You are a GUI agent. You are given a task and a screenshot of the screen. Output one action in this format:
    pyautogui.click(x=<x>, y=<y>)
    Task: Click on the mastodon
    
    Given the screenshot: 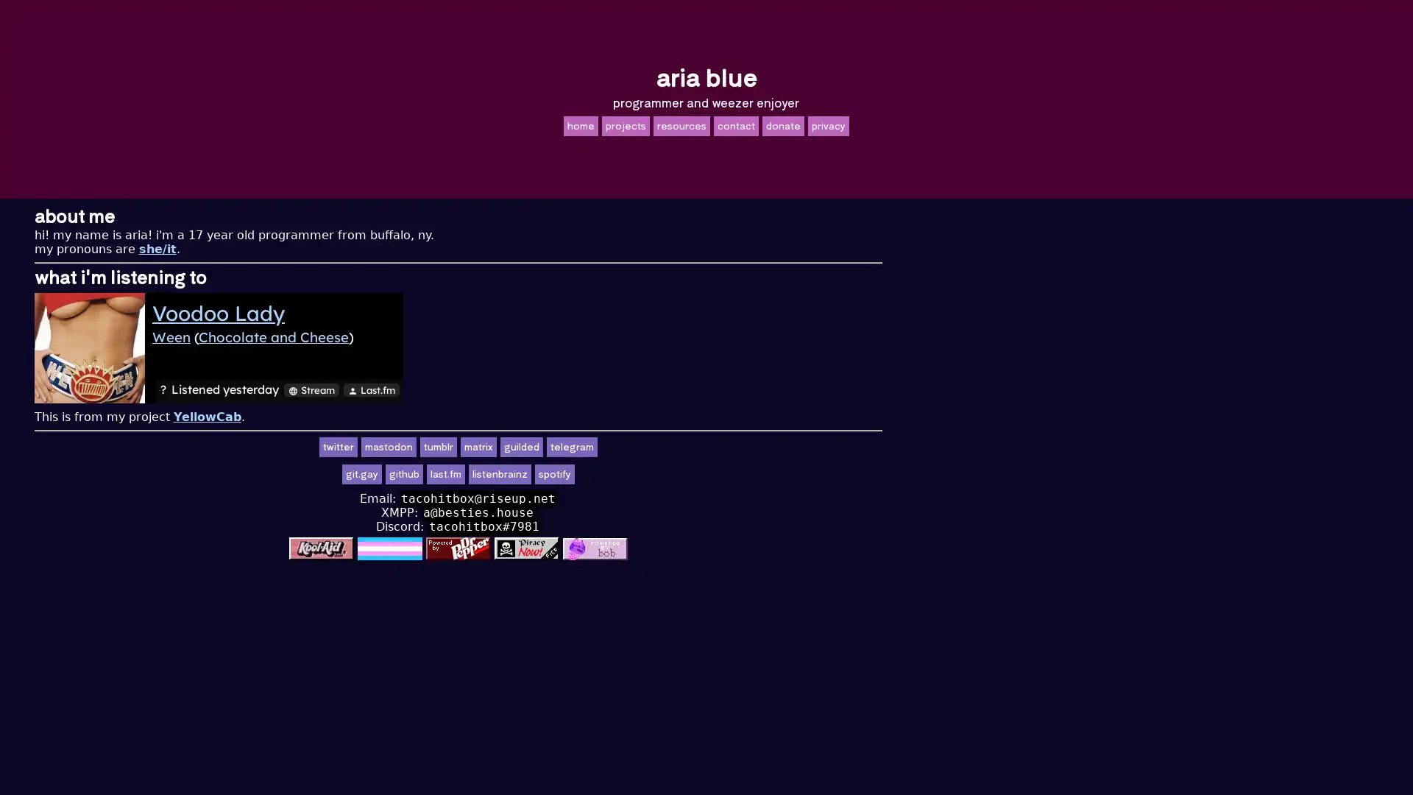 What is the action you would take?
    pyautogui.click(x=637, y=446)
    